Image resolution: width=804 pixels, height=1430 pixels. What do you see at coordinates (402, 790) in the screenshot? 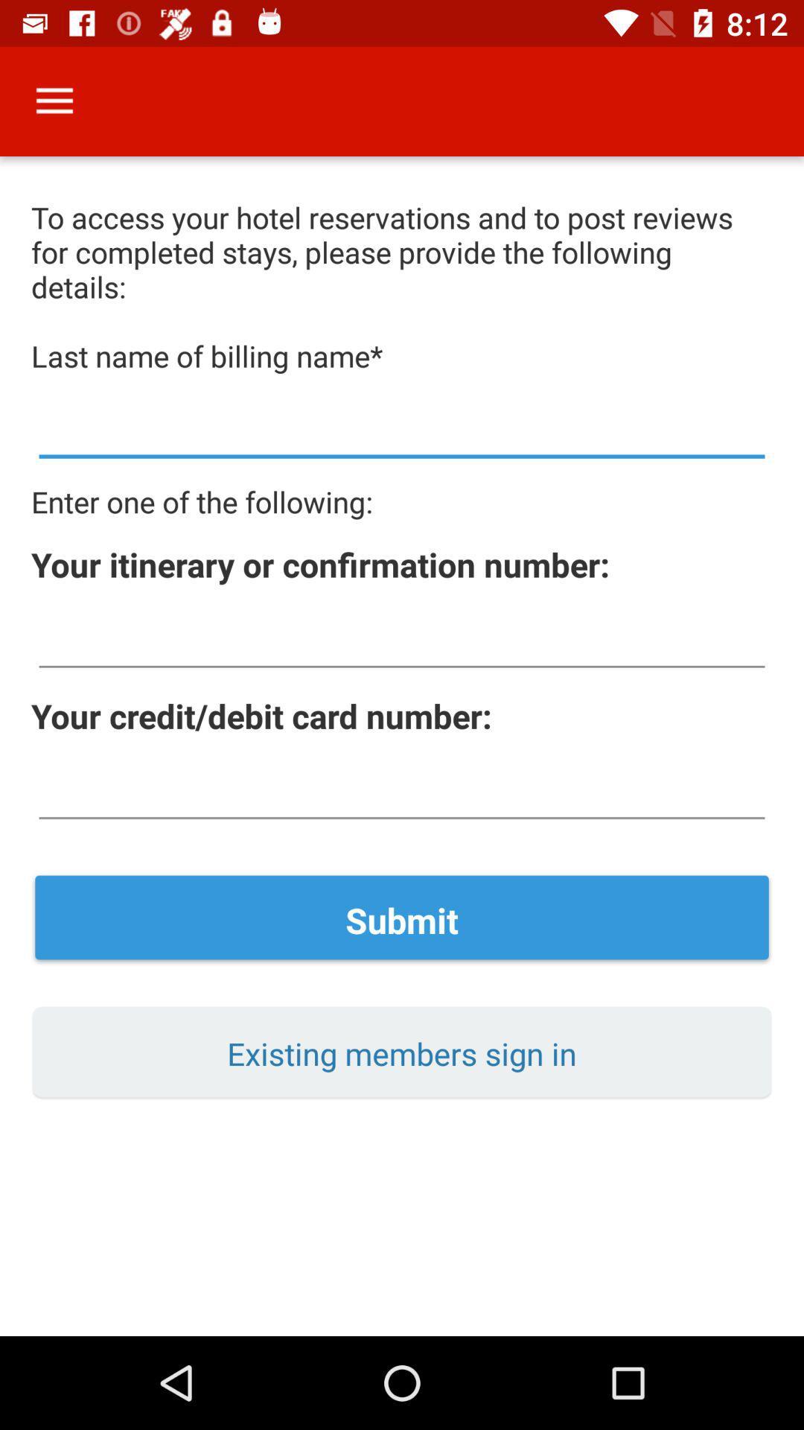
I see `input card number` at bounding box center [402, 790].